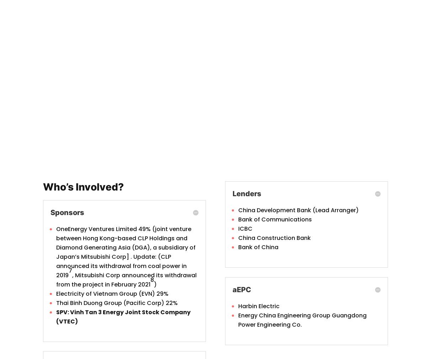 The image size is (431, 359). I want to click on 'Electricity of Vietnam Group (EVN) 29%', so click(112, 293).